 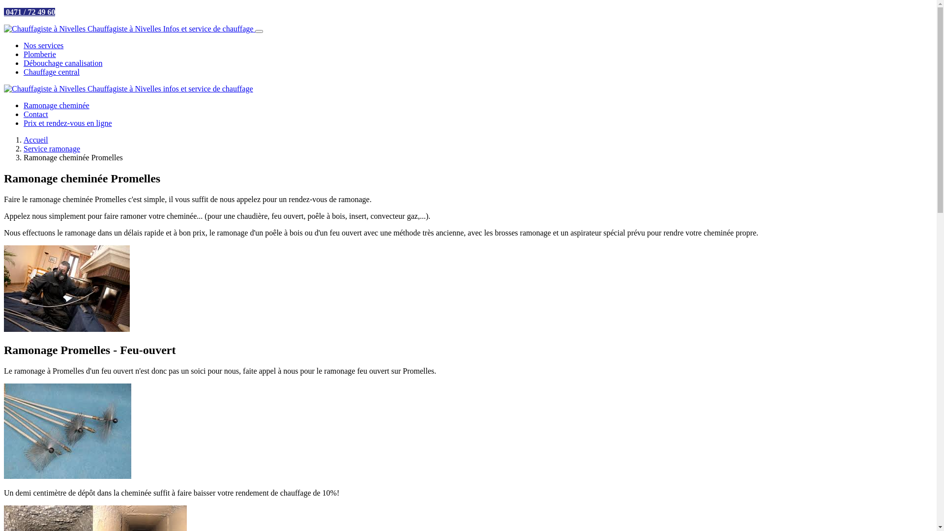 What do you see at coordinates (29, 12) in the screenshot?
I see `' 0471 / 72 49 60'` at bounding box center [29, 12].